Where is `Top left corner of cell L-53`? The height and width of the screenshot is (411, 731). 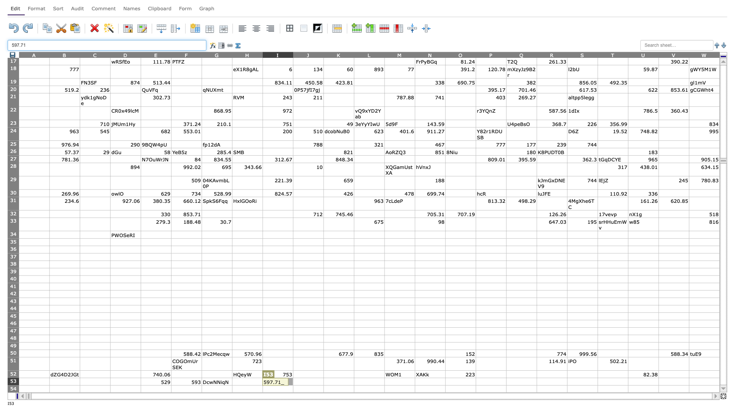 Top left corner of cell L-53 is located at coordinates (354, 378).